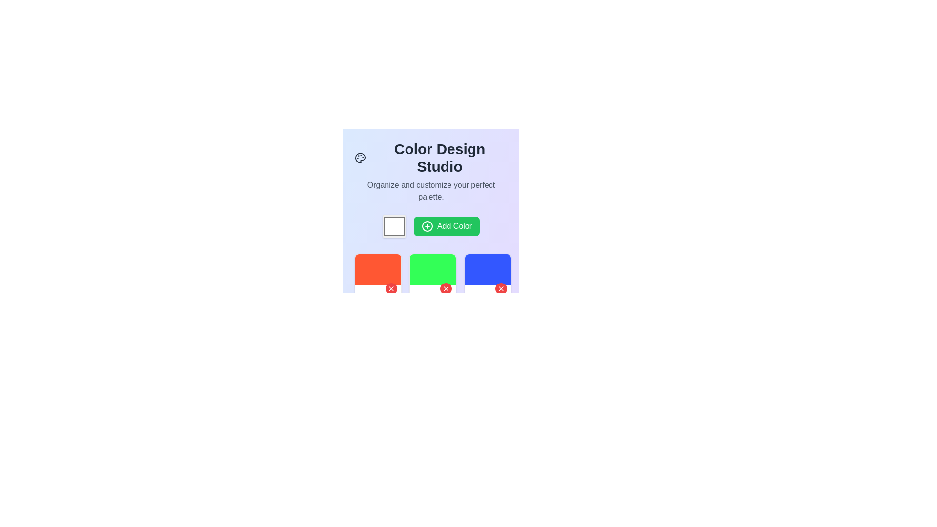 This screenshot has height=527, width=937. What do you see at coordinates (432, 277) in the screenshot?
I see `the Interactive card with a button, which is the middle card in a row of three color cards, located below the 'Add Color' button` at bounding box center [432, 277].